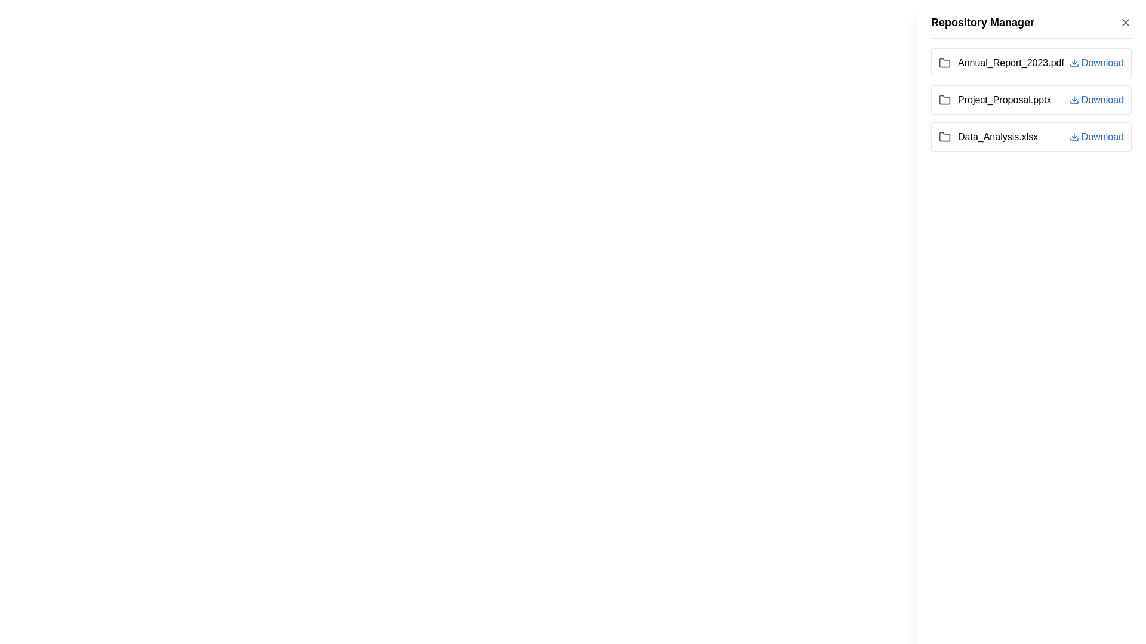  I want to click on the folder icon, which is a gray SVG shape with rounded edges, located next to the 'Project_Proposal.pptx' text, so click(944, 62).